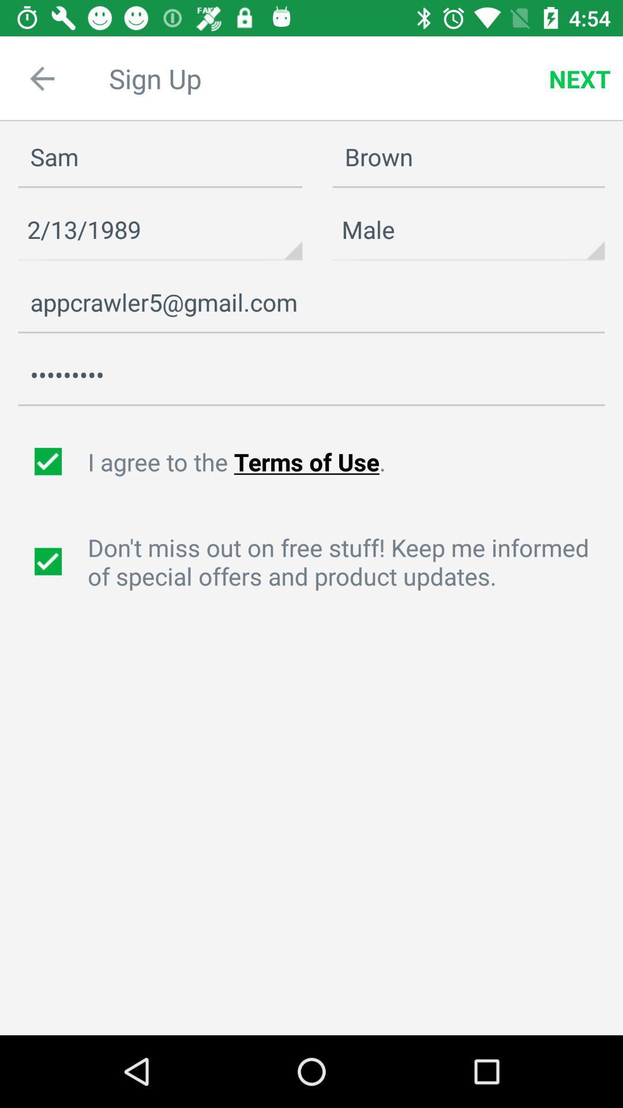  I want to click on agree to terms of service, so click(49, 462).